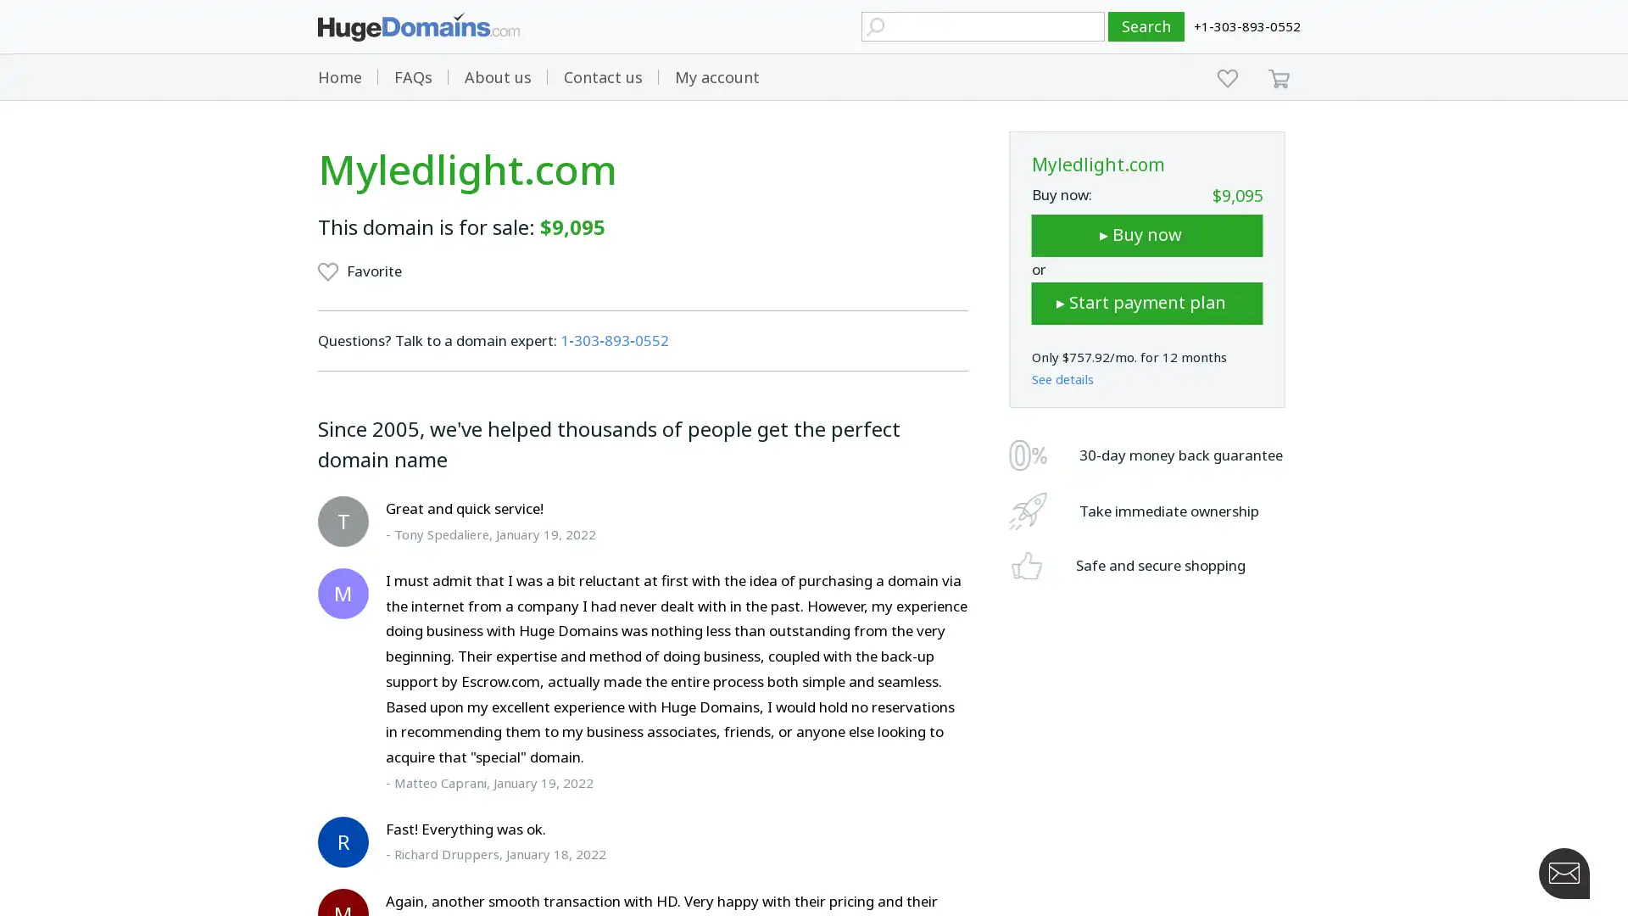 This screenshot has height=916, width=1628. What do you see at coordinates (1146, 26) in the screenshot?
I see `Search` at bounding box center [1146, 26].